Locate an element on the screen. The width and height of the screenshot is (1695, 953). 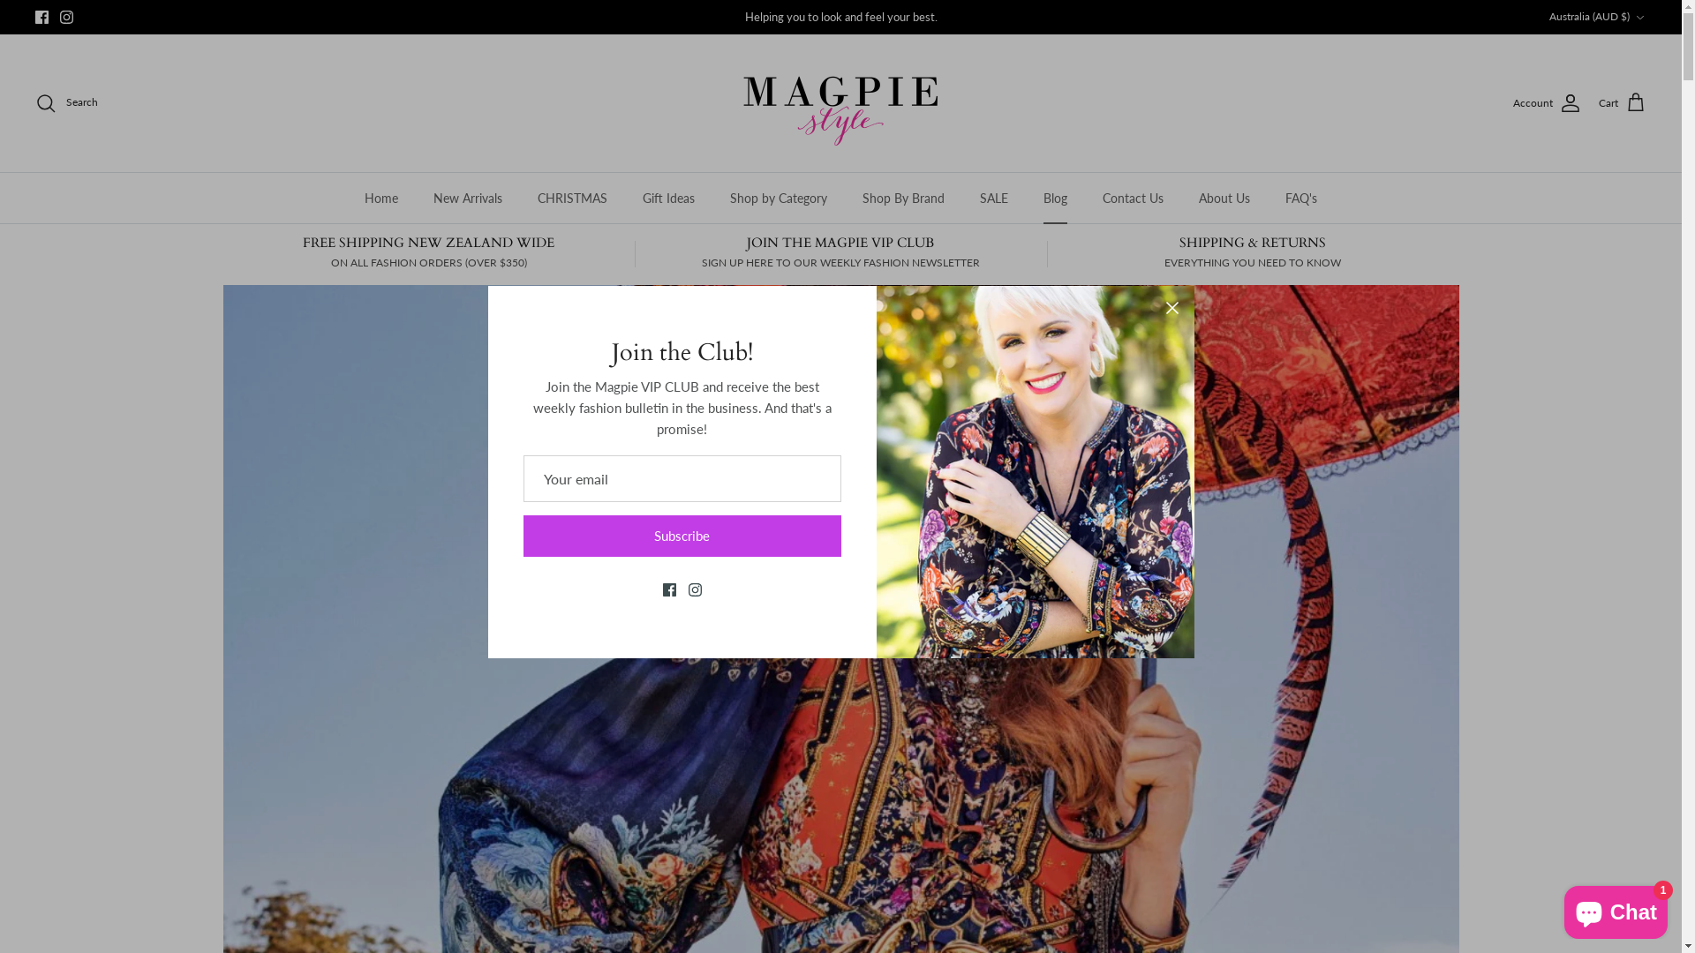
'Shop by Category' is located at coordinates (714, 198).